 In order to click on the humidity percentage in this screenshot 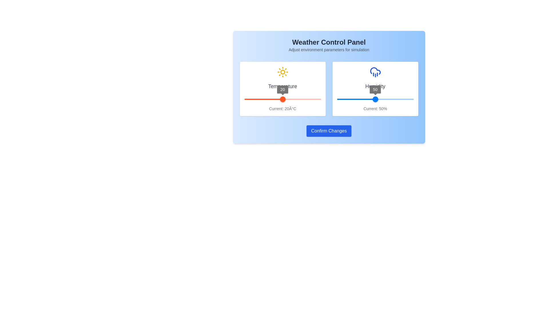, I will do `click(338, 99)`.